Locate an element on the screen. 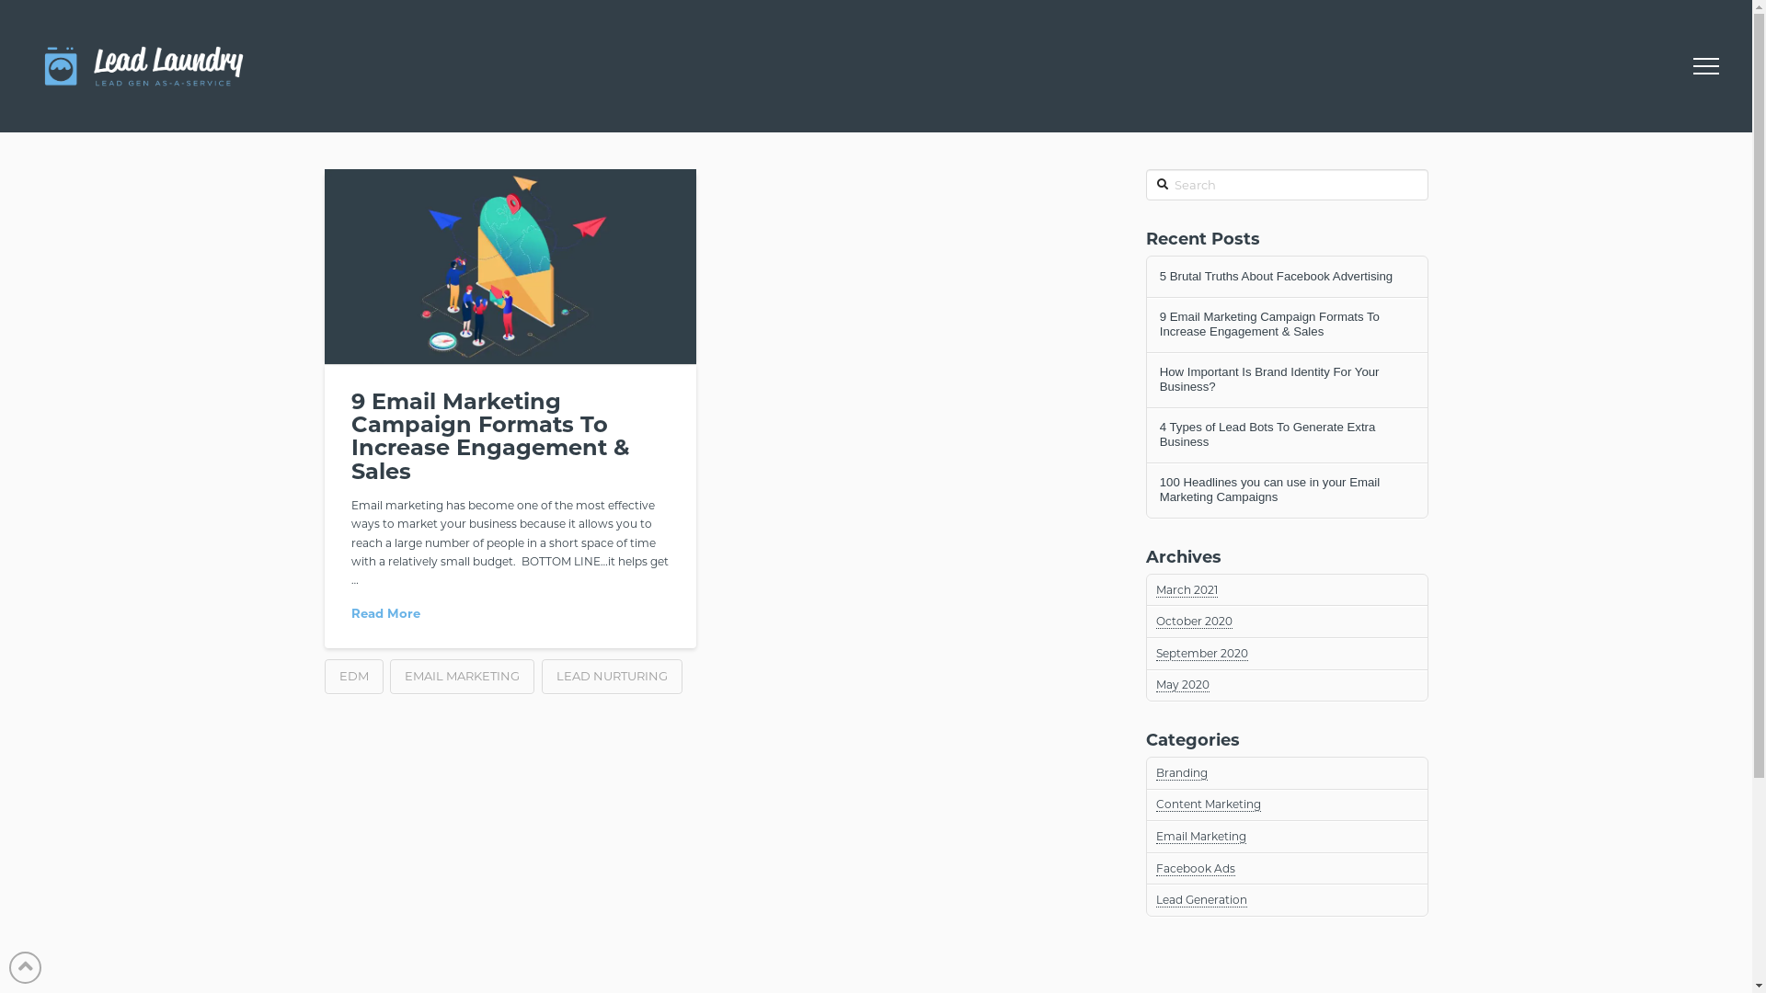 This screenshot has height=993, width=1766. 'Back to Top' is located at coordinates (25, 966).